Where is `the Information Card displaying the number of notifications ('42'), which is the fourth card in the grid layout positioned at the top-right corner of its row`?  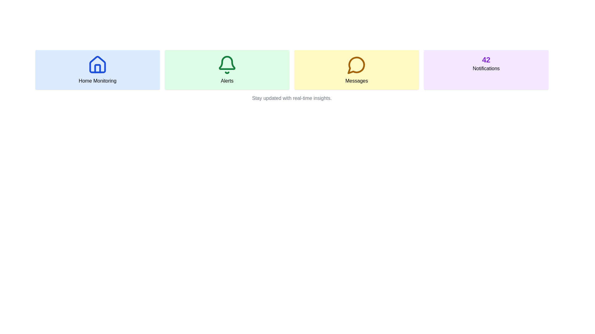 the Information Card displaying the number of notifications ('42'), which is the fourth card in the grid layout positioned at the top-right corner of its row is located at coordinates (486, 70).